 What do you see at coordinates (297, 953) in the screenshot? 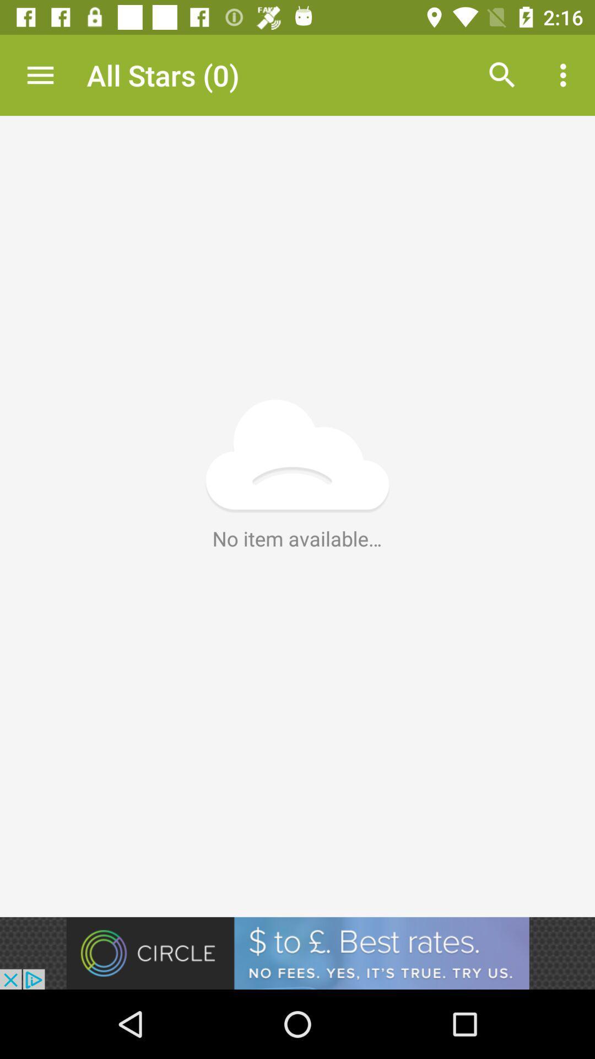
I see `advertisement` at bounding box center [297, 953].